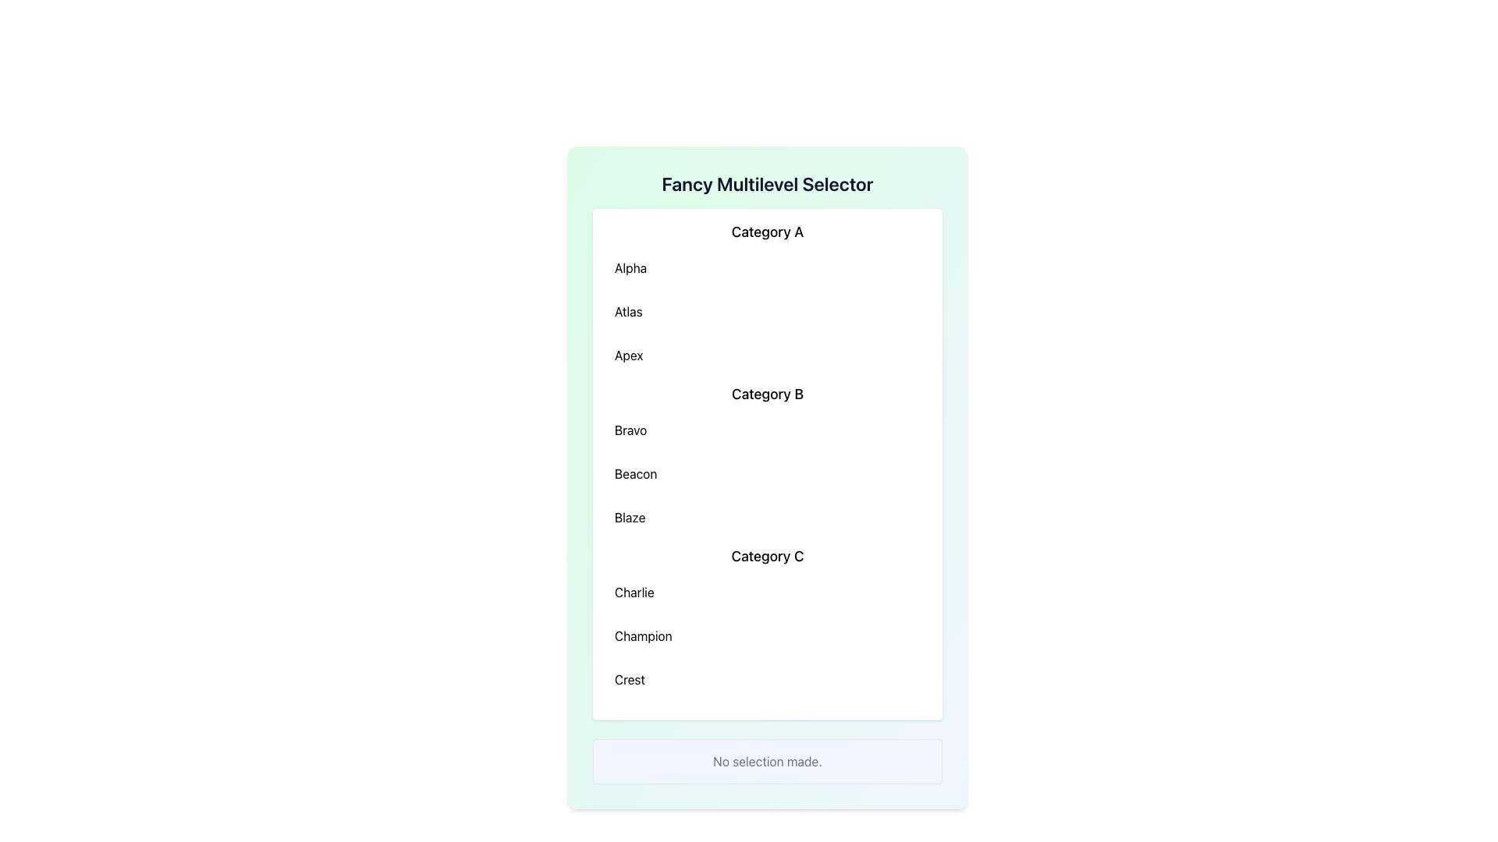 This screenshot has width=1498, height=842. What do you see at coordinates (767, 621) in the screenshot?
I see `the 'Category C' section` at bounding box center [767, 621].